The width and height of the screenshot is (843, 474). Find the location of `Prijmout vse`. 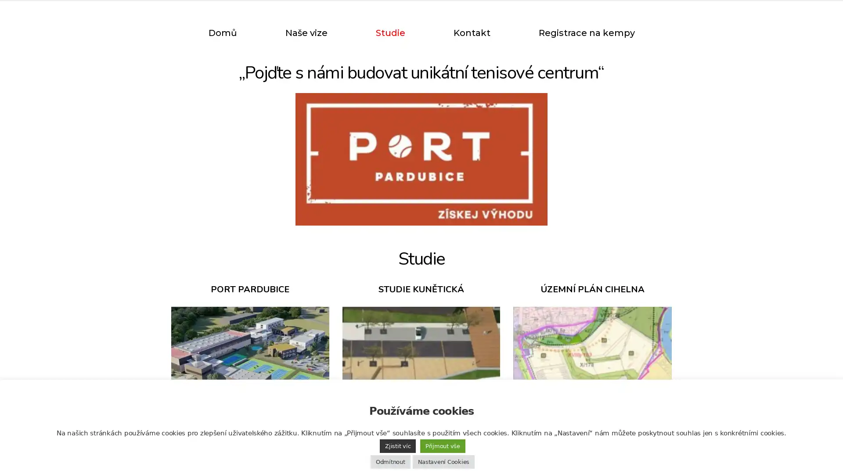

Prijmout vse is located at coordinates (443, 446).